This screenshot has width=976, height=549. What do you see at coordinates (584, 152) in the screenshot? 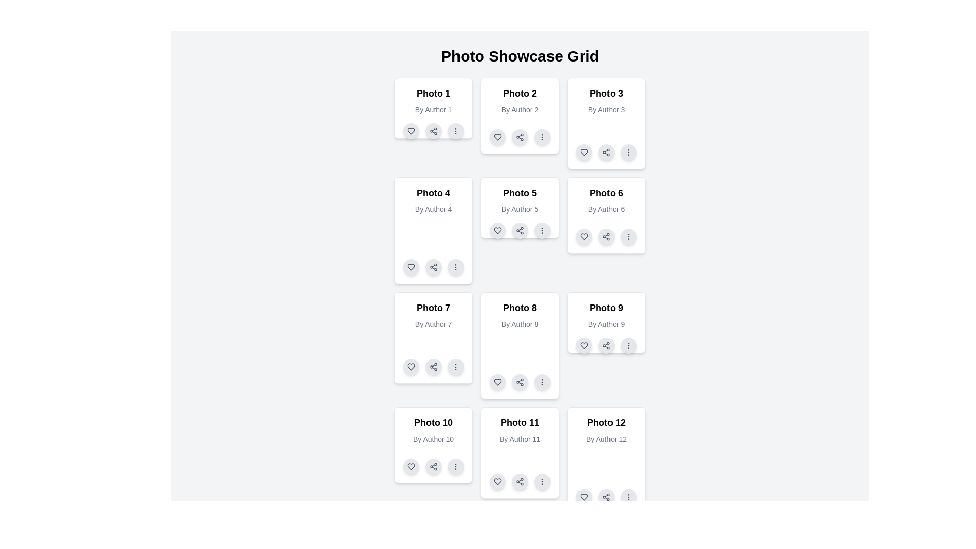
I see `the heart icon button located at the bottom of the third photo card in the 'Photo Showcase Grid' to indicate preference` at bounding box center [584, 152].